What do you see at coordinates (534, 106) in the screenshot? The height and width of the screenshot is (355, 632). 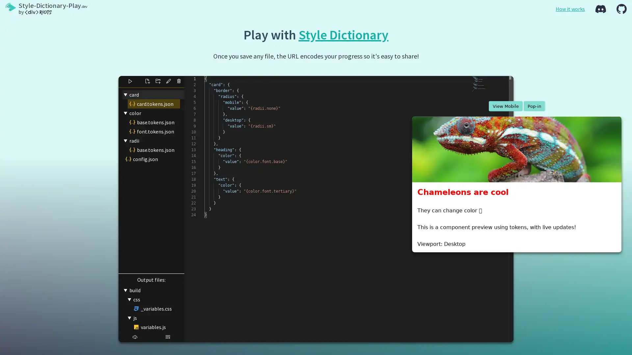 I see `Pop-in` at bounding box center [534, 106].